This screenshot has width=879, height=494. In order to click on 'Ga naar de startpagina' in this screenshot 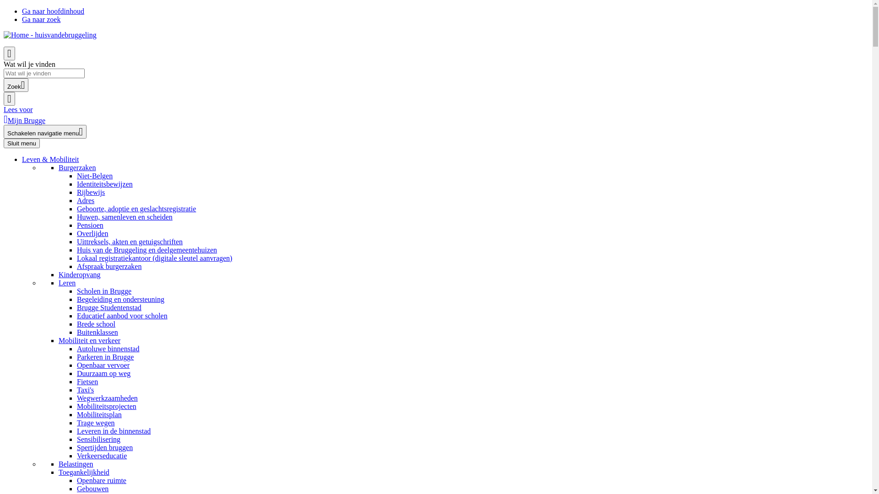, I will do `click(49, 34)`.